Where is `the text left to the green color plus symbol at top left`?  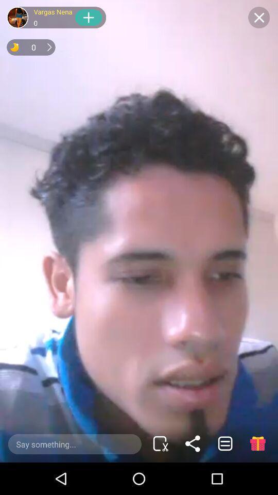 the text left to the green color plus symbol at top left is located at coordinates (53, 16).